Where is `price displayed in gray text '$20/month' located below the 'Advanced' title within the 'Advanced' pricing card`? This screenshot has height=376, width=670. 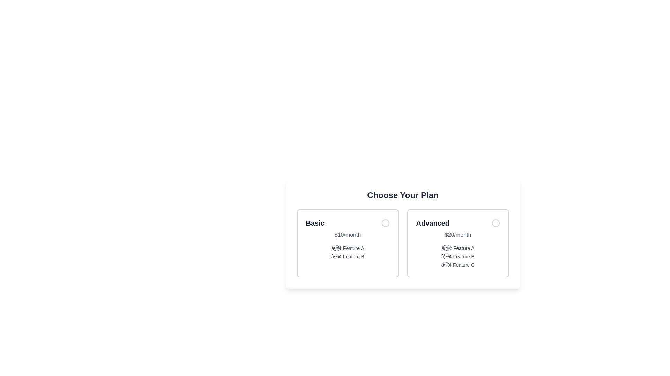
price displayed in gray text '$20/month' located below the 'Advanced' title within the 'Advanced' pricing card is located at coordinates (458, 235).